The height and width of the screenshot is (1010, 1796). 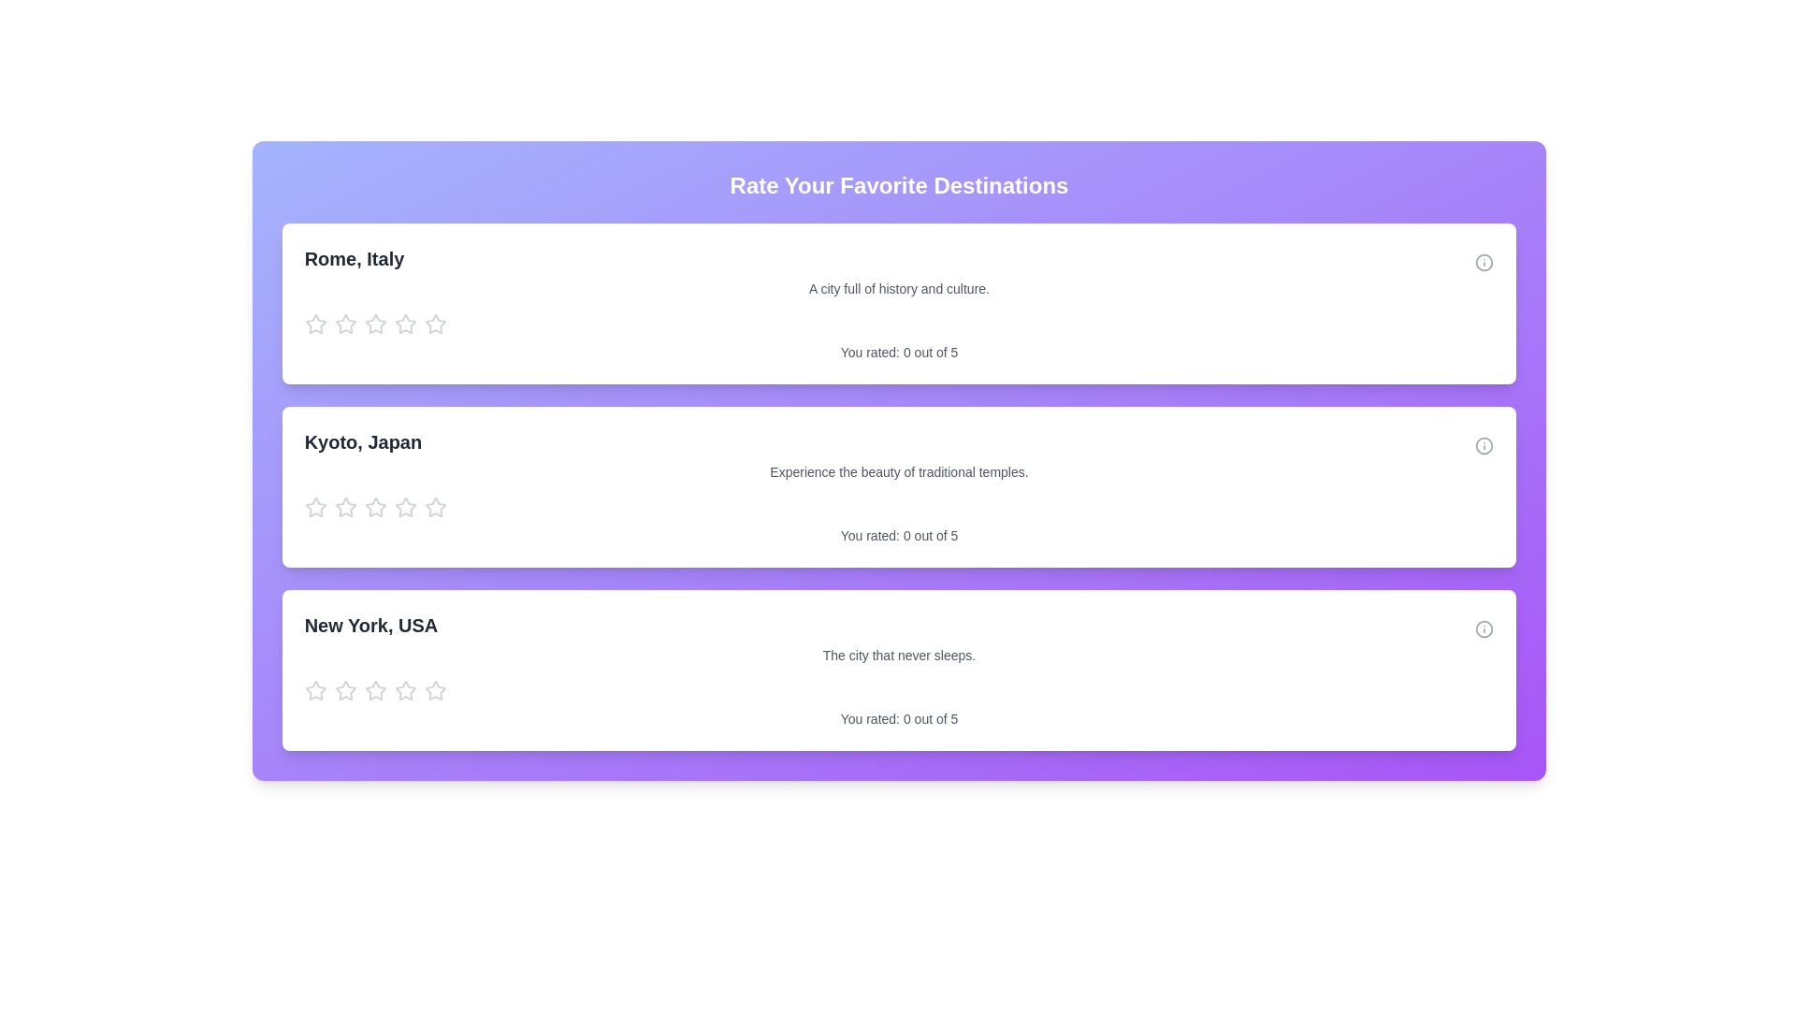 I want to click on the fourth star icon in the rating selection below the text 'New York, USA', so click(x=374, y=691).